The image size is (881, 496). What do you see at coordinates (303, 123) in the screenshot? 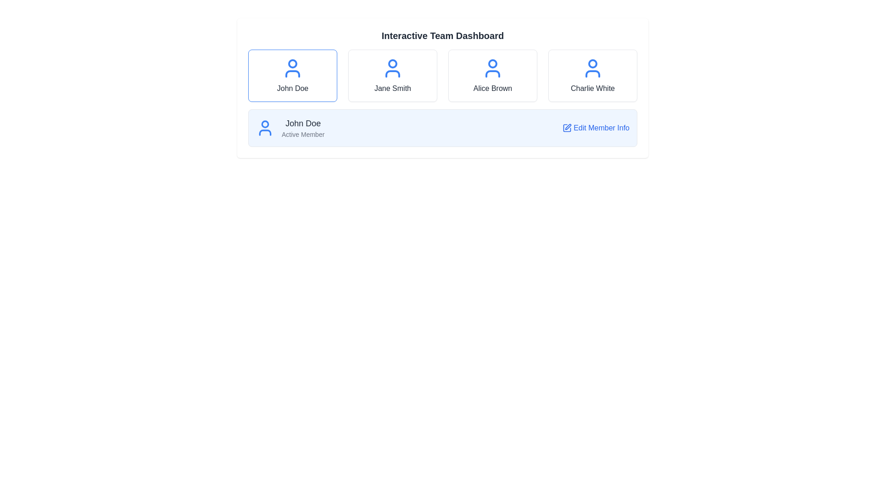
I see `the static text label reading 'John Doe', which is styled with a large font size and bold emphasis, located in the bottom section of the interface, closer to the left side` at bounding box center [303, 123].